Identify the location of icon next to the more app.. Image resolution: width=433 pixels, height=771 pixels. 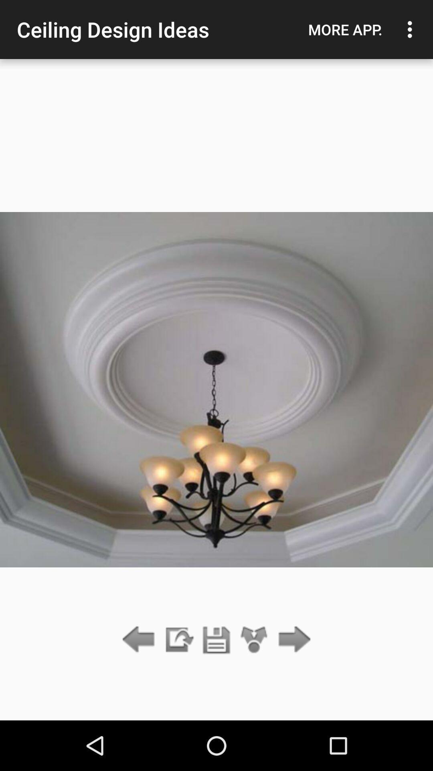
(412, 29).